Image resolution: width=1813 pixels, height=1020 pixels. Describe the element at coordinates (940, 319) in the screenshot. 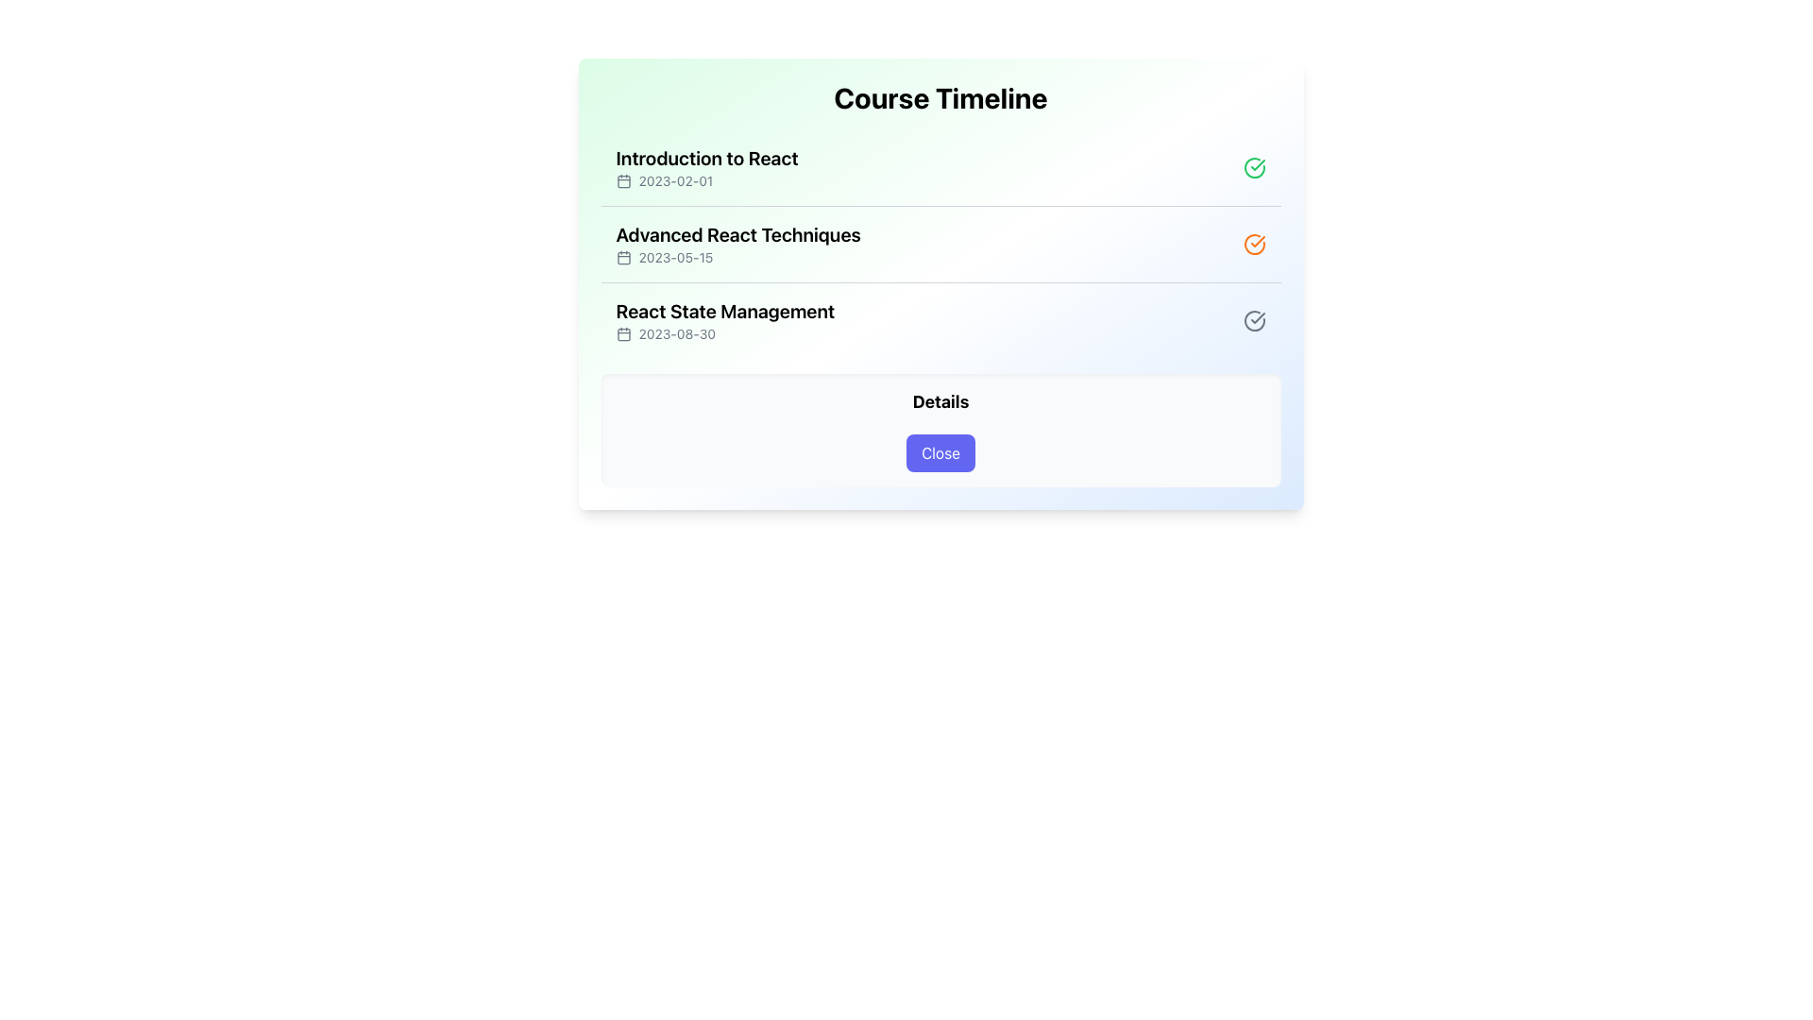

I see `the List Item element titled 'React State Management' in the Course Timeline to trigger a tooltip` at that location.